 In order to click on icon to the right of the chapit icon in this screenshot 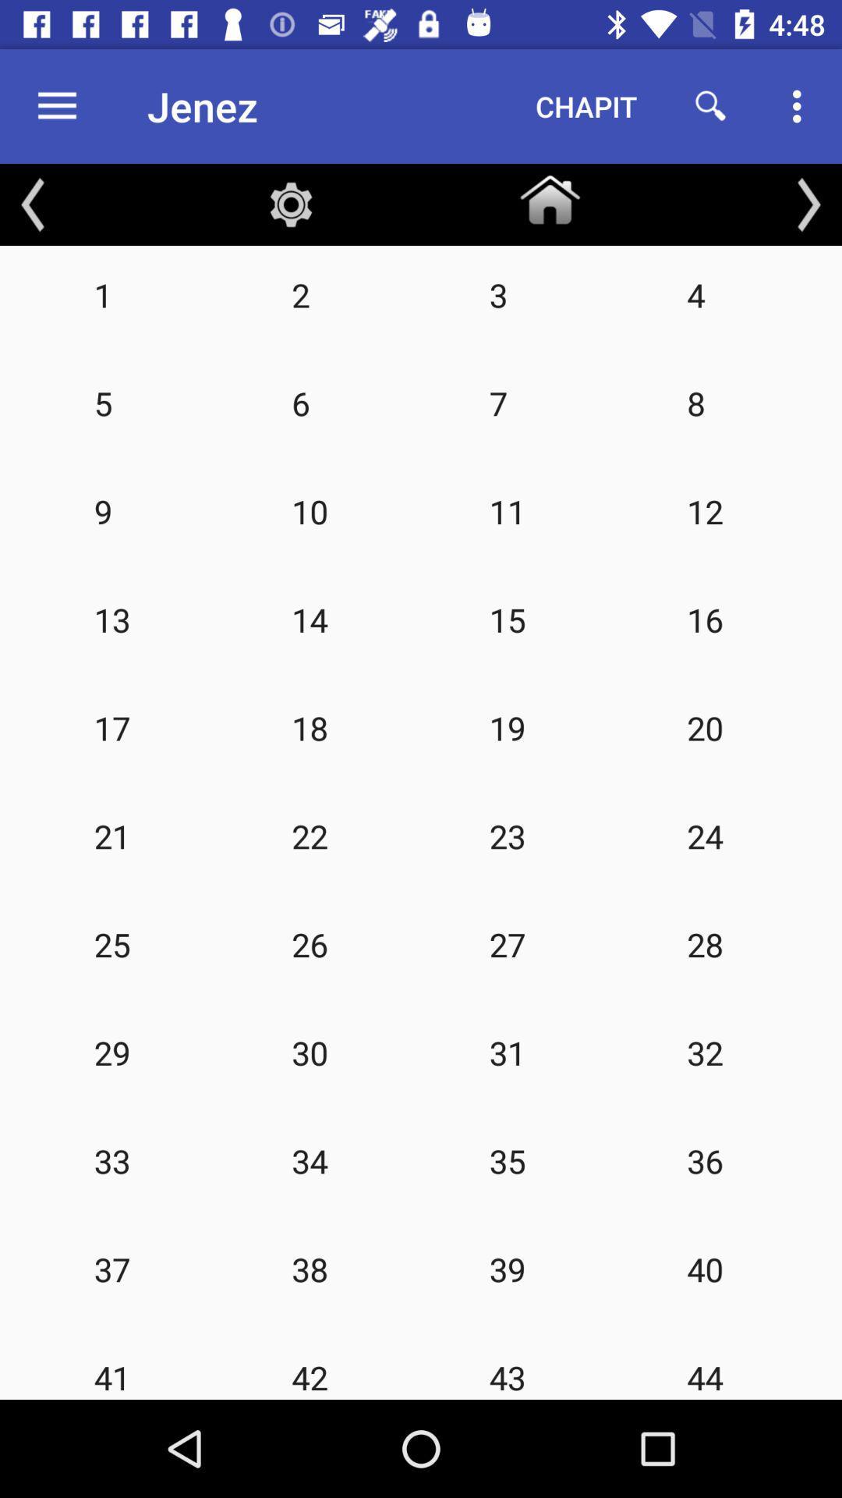, I will do `click(710, 105)`.